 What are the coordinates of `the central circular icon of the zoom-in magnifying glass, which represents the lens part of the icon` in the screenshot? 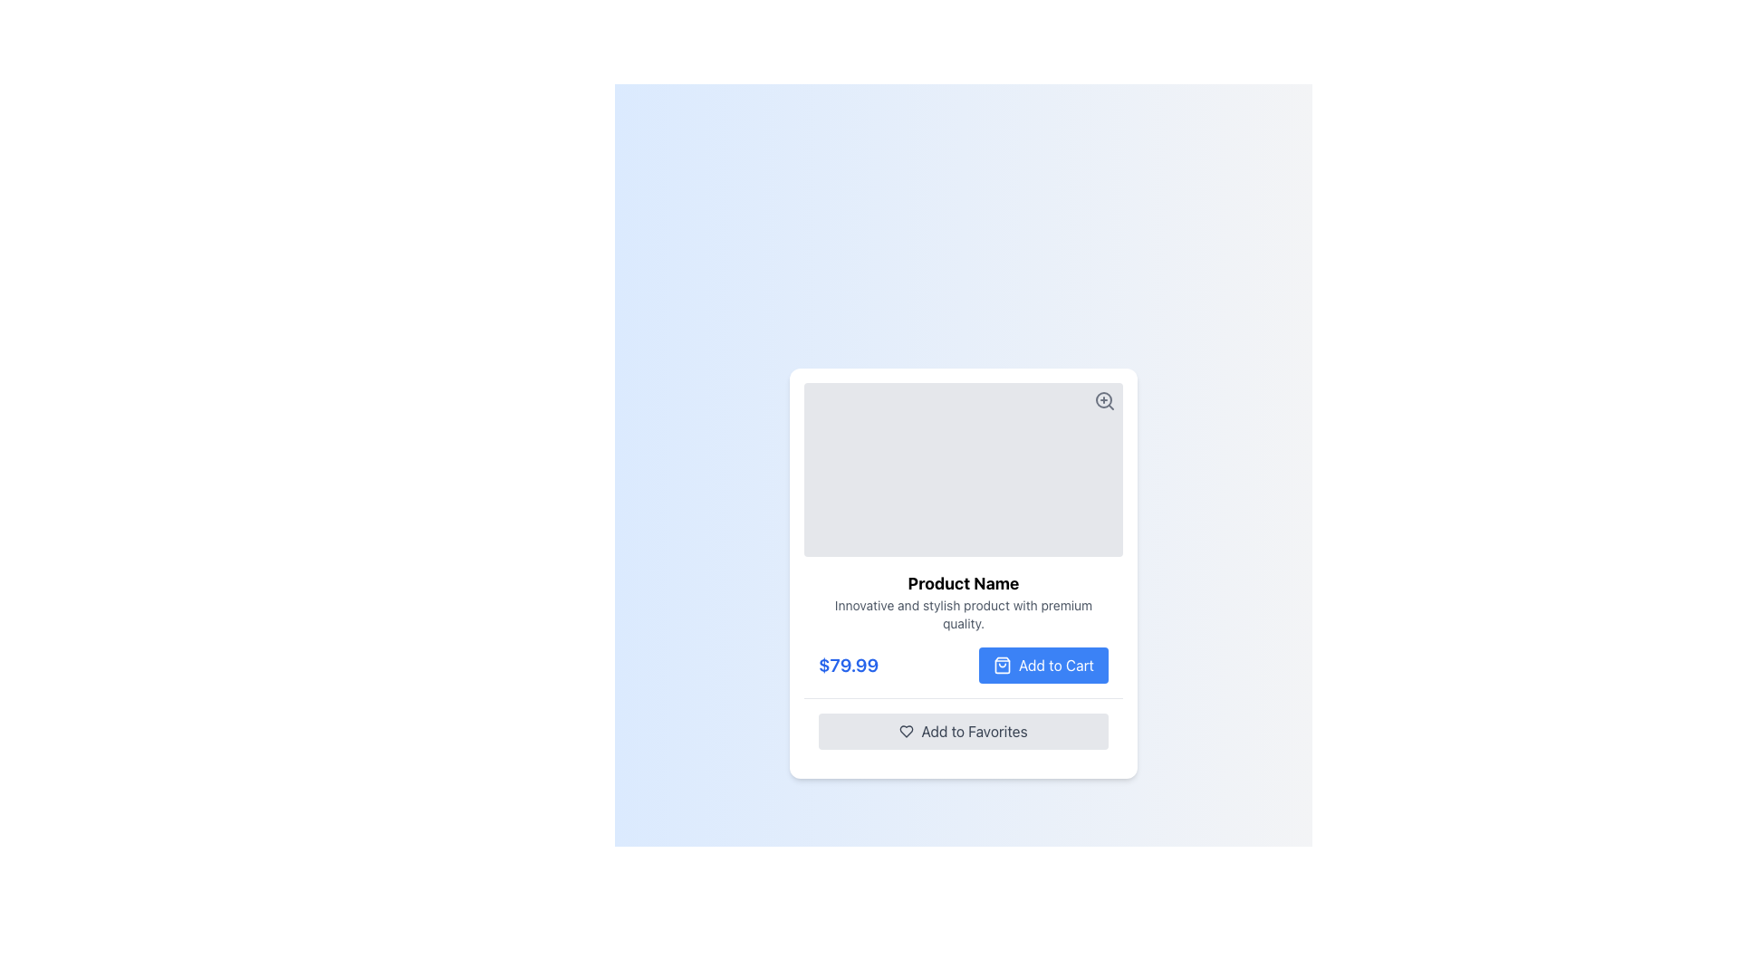 It's located at (1103, 398).